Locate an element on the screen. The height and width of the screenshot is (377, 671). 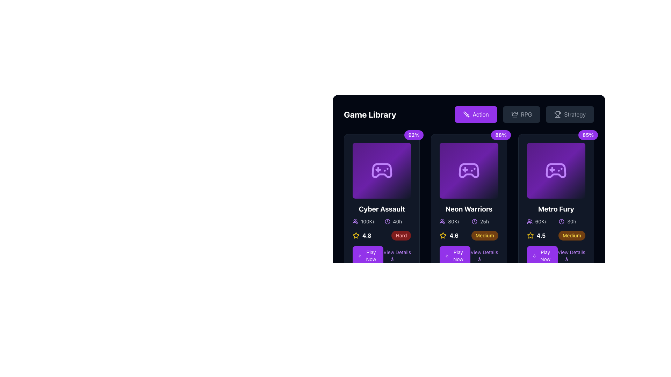
the text label displaying '4.5' in bold white font, located in the rating section beneath the 'Metro Fury' game card, aligned to the right of the yellow star icon is located at coordinates (541, 236).